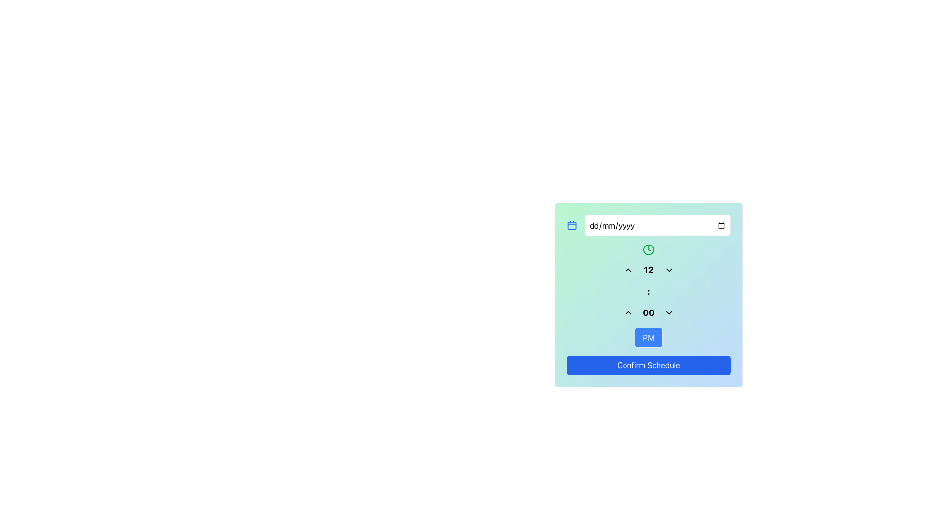 The width and height of the screenshot is (931, 524). Describe the element at coordinates (649, 337) in the screenshot. I see `the rectangular blue button labeled 'PM' at the bottom of the time selection interface` at that location.